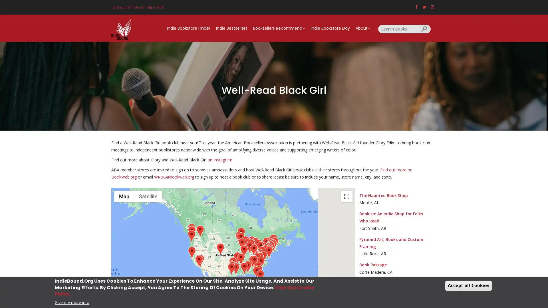 The image size is (548, 308). Describe the element at coordinates (270, 244) in the screenshot. I see `The Golden Notebook` at that location.